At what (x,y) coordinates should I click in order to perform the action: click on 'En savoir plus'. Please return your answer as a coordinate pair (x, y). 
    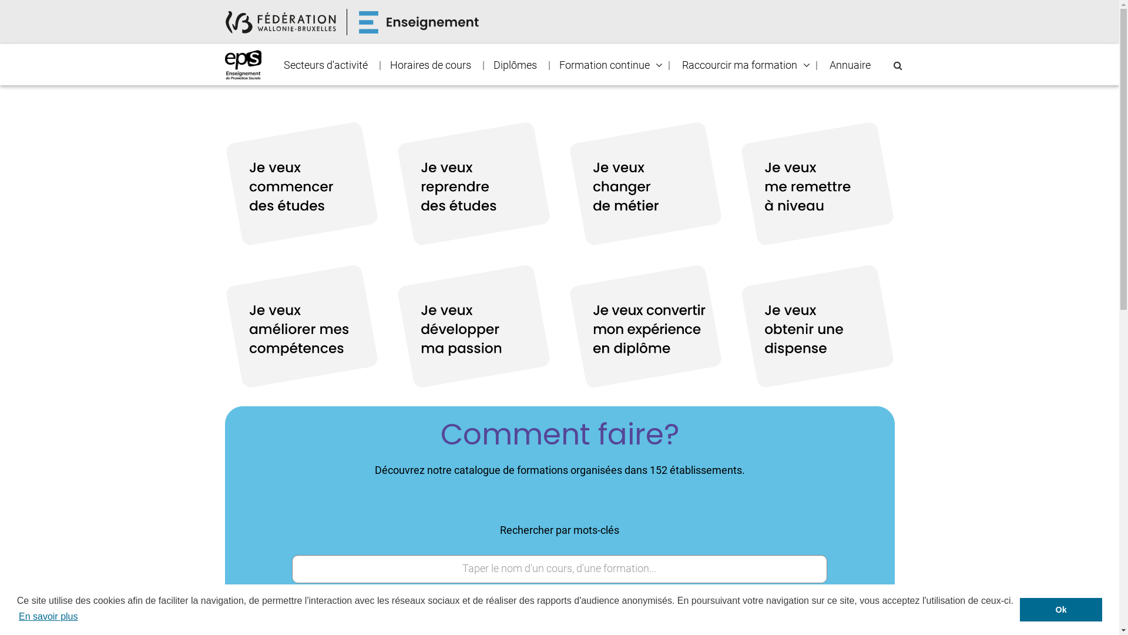
    Looking at the image, I should click on (48, 616).